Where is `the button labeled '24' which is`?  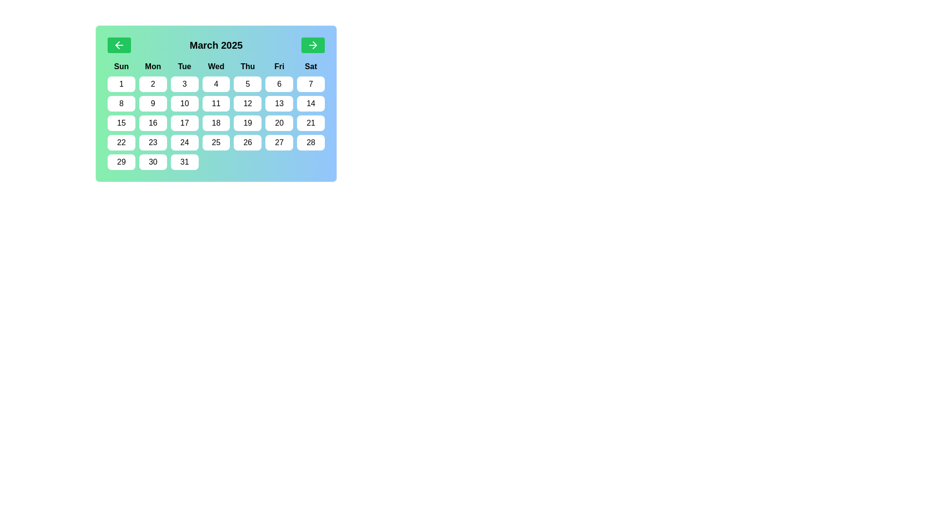
the button labeled '24' which is is located at coordinates (185, 143).